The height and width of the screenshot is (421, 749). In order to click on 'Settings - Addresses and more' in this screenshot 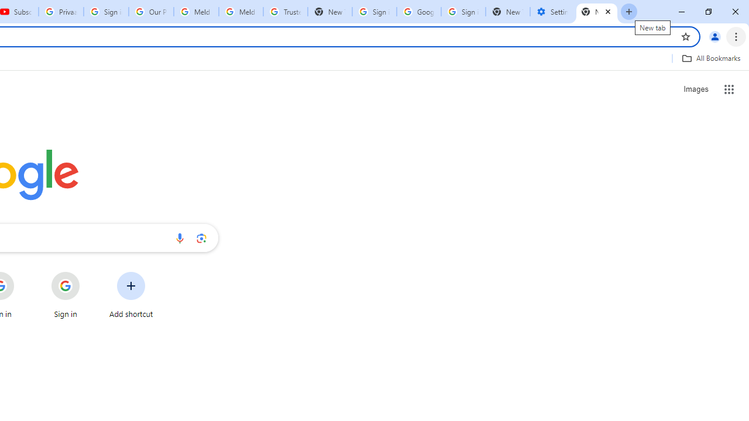, I will do `click(552, 12)`.